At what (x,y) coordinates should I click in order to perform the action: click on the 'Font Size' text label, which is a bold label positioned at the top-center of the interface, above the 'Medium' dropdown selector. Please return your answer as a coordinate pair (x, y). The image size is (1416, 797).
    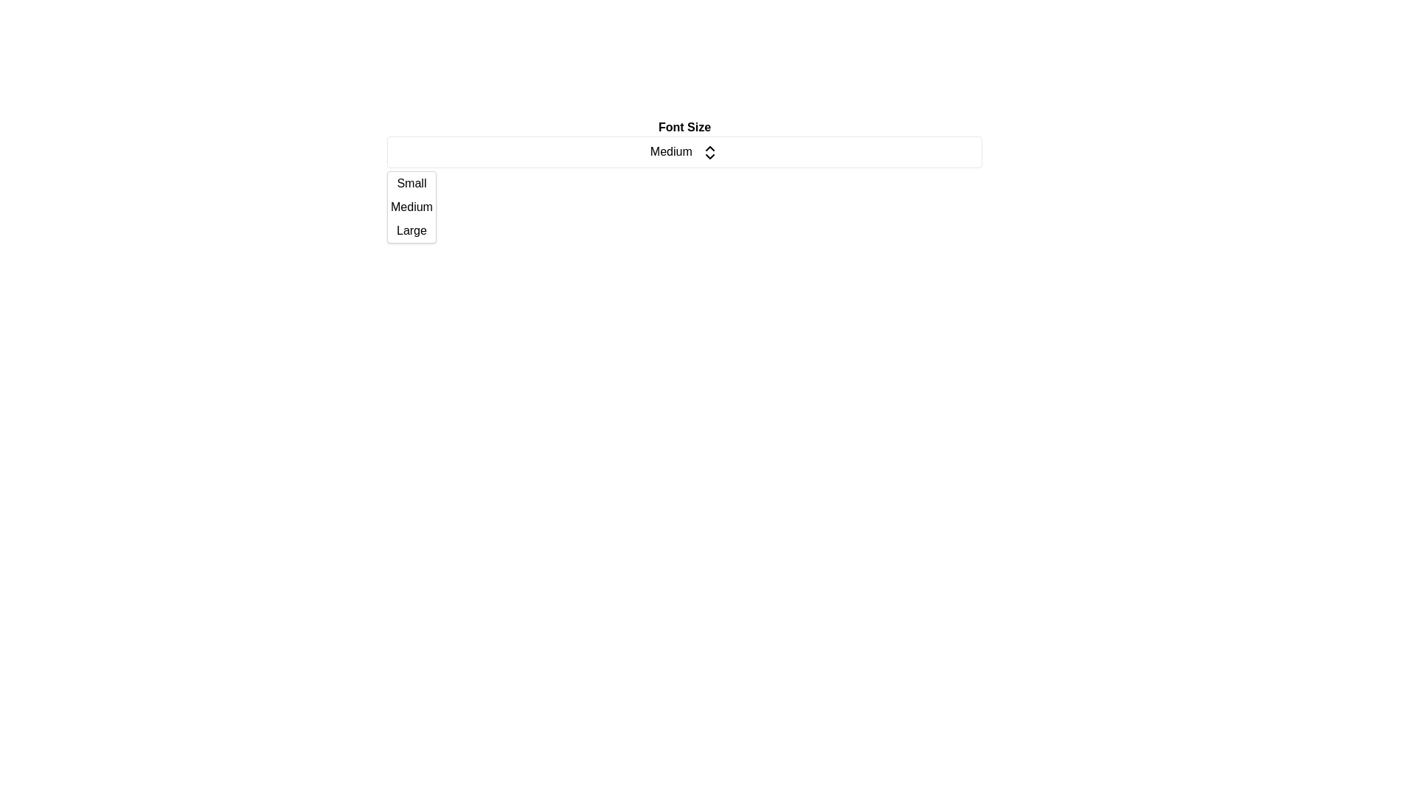
    Looking at the image, I should click on (684, 126).